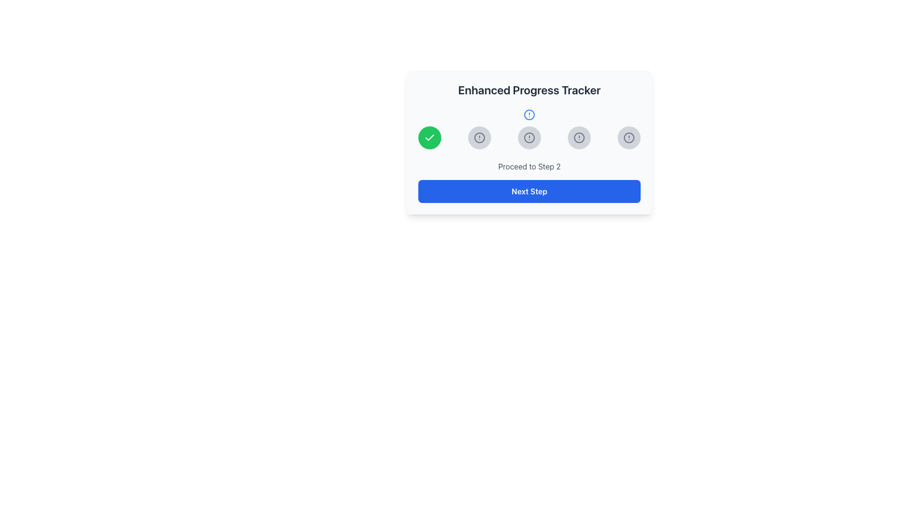 Image resolution: width=920 pixels, height=517 pixels. I want to click on the alert icon that indicates an incomplete step in the progress tracker, which is the second option among a series of horizontally arranged icons, so click(480, 138).